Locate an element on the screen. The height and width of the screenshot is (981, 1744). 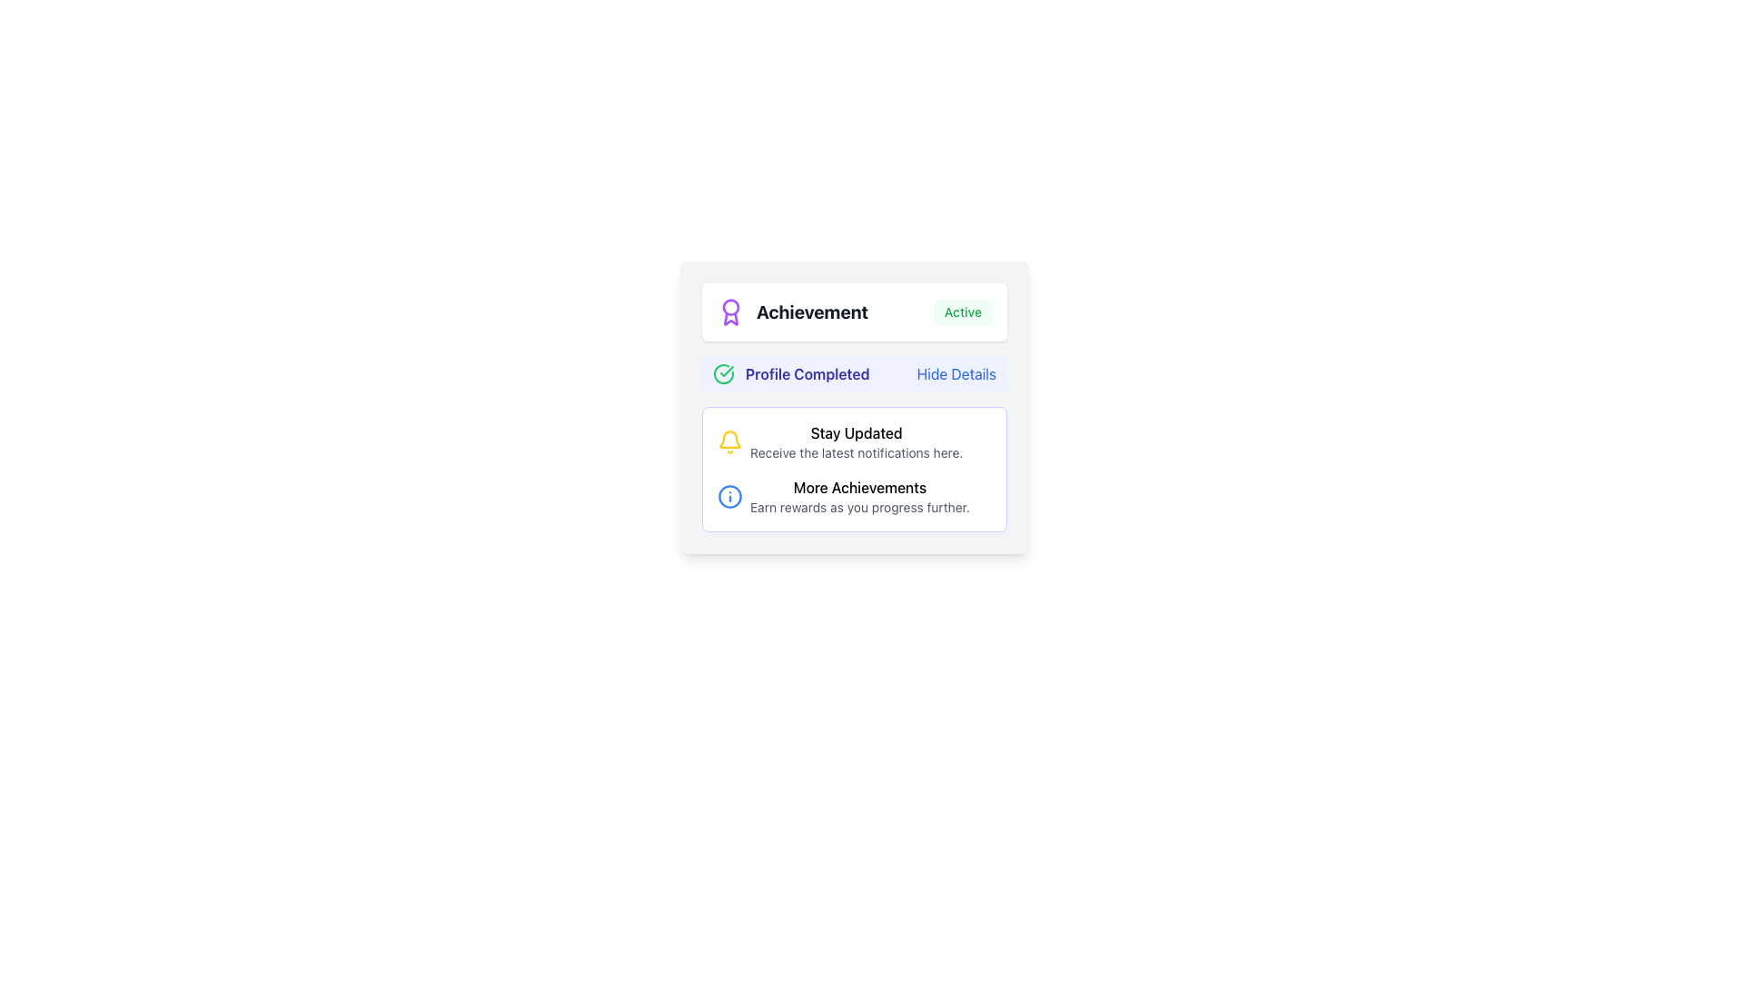
the informational block featuring a yellow bell icon and the text 'Stay Updated' with a subtext 'Receive the latest notifications here.' is located at coordinates (853, 441).